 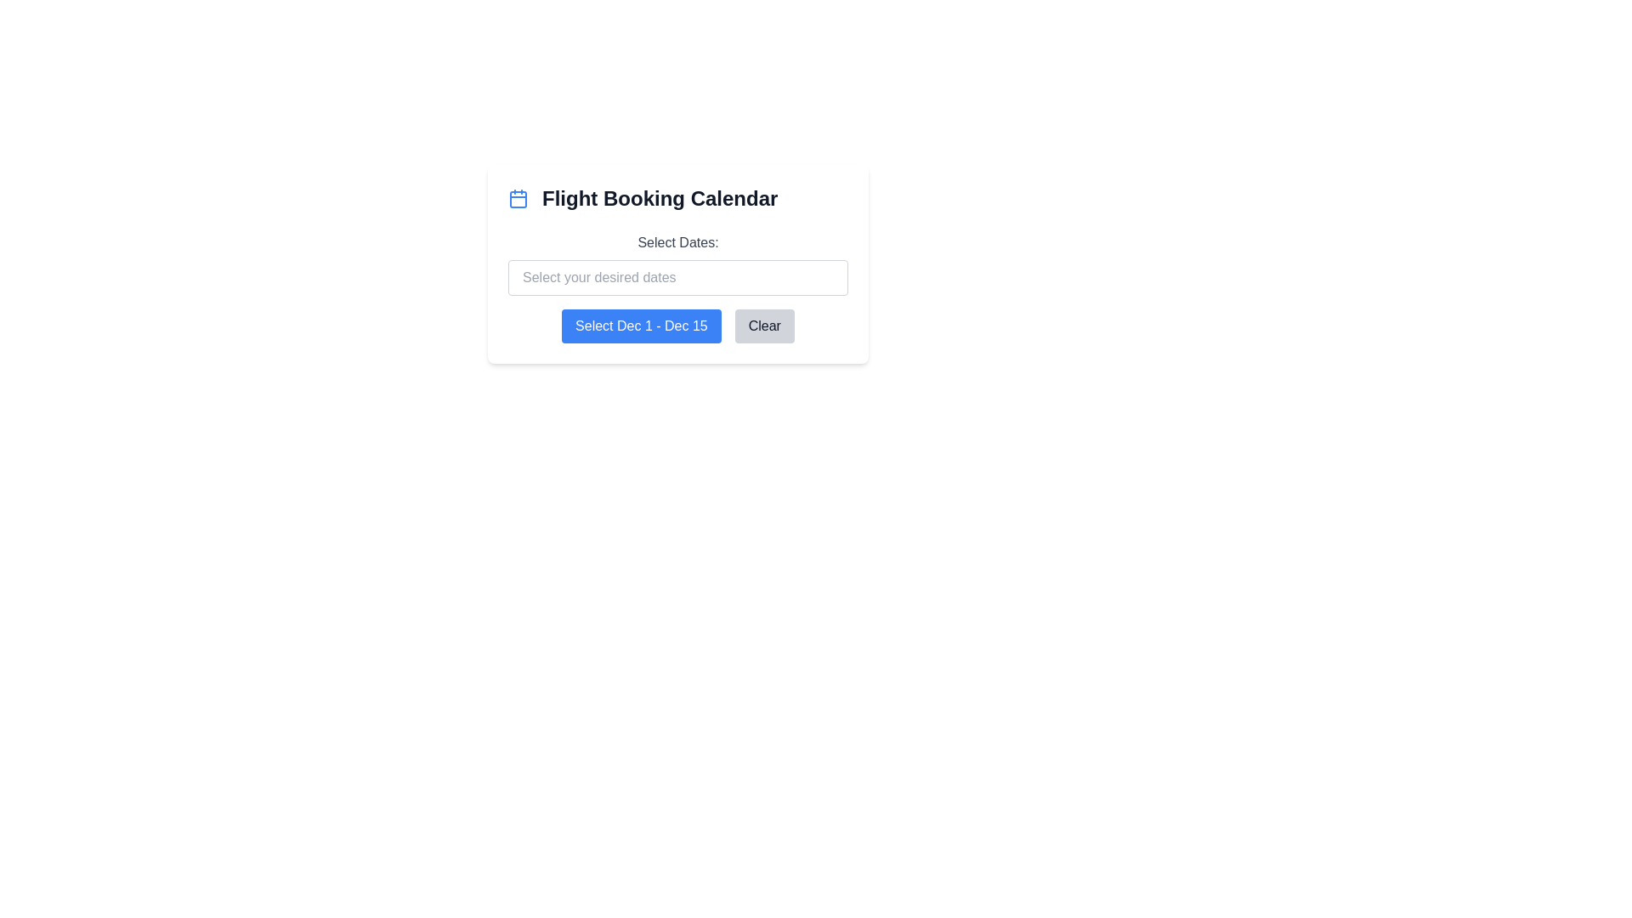 What do you see at coordinates (517, 198) in the screenshot?
I see `the calendar icon associated with the 'Flight Booking Calendar' text` at bounding box center [517, 198].